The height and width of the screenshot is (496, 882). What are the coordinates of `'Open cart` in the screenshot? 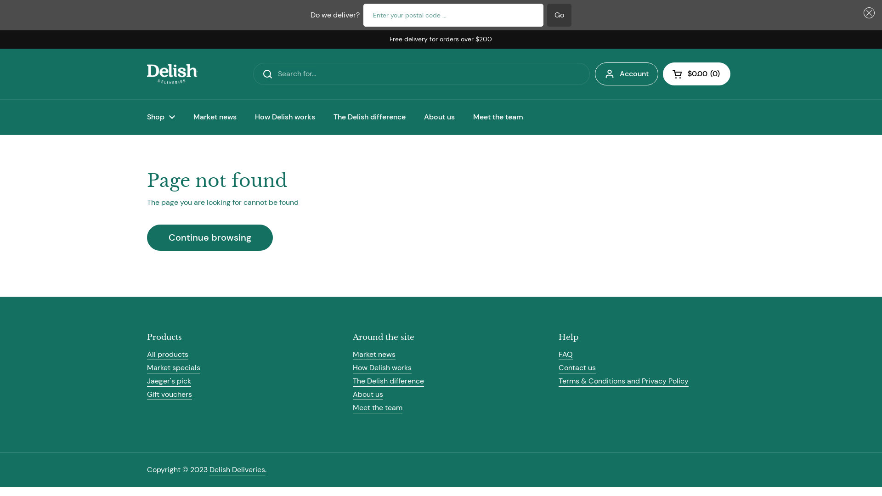 It's located at (663, 73).